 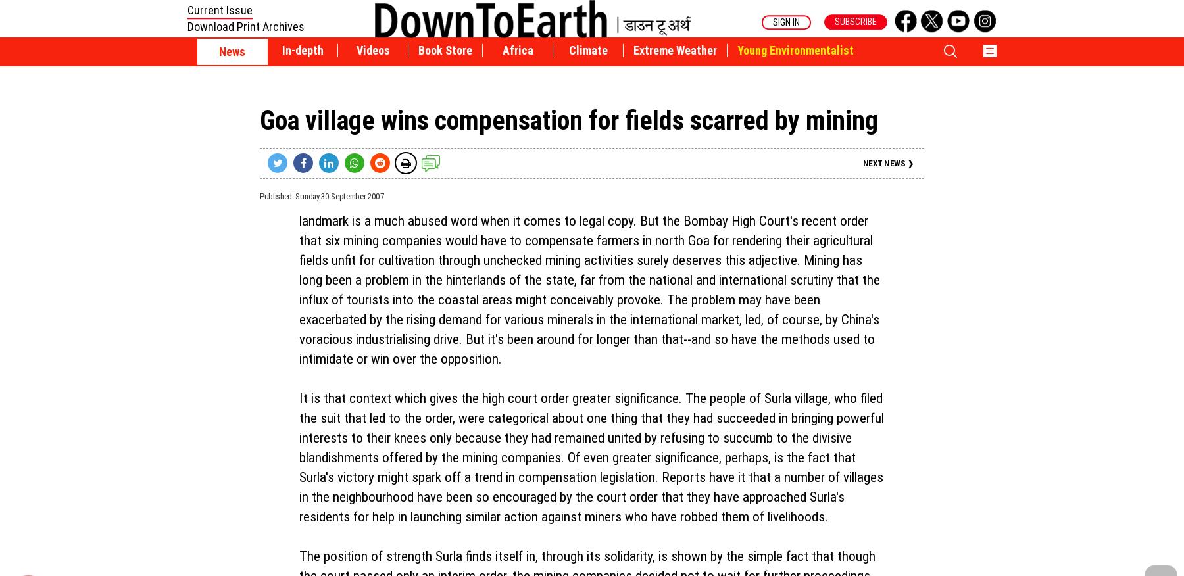 I want to click on 'is a much abused word when it comes to legal copy. But the Bombay High Court's recent order that six mining companies would have to compensate farmers in north Goa for rendering their agricultural fields unfit for cultivation through unchecked mining activities surely deserves this adjective. Mining has long been a problem in the hinterlands of the state, far from the national and international scrutiny that the influx of tourists into the coastal areas might conceivably provoke. The problem may have been exacerbated by the rising demand for various minerals in the international market, led, of course, by China's voracious industrialising drive. But it's been around for longer than that--and so have the methods used to intimidate or win over the opposition.', so click(x=299, y=289).